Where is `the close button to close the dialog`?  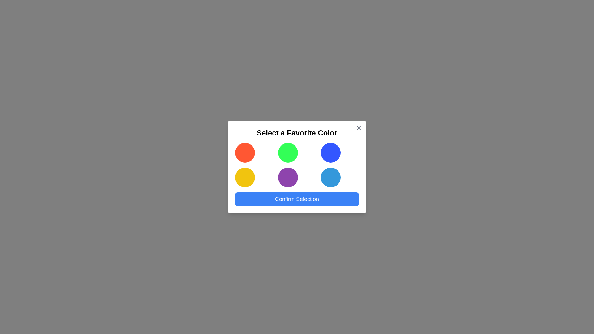 the close button to close the dialog is located at coordinates (359, 127).